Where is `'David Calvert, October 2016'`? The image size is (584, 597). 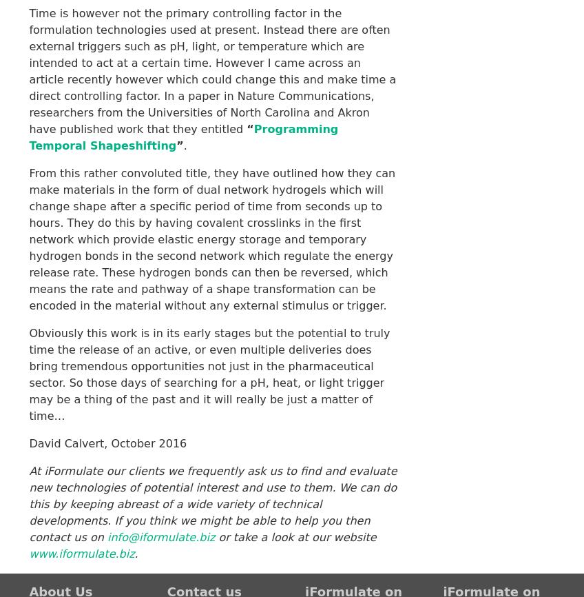
'David Calvert, October 2016' is located at coordinates (28, 443).